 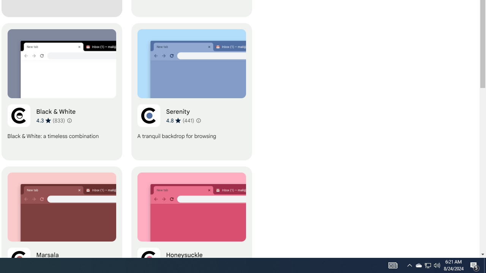 I want to click on 'Average rating 4.8 out of 5 stars. 441 ratings.', so click(x=180, y=120).